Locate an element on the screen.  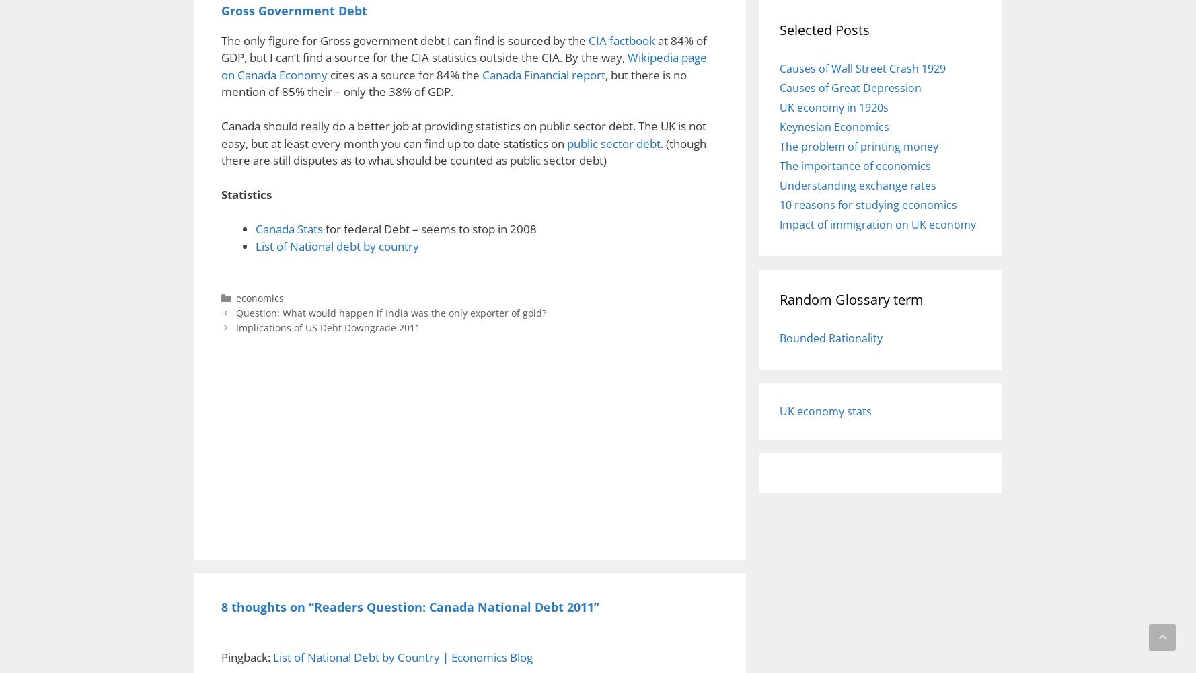
'Causes of Wall Street Crash 1929' is located at coordinates (862, 67).